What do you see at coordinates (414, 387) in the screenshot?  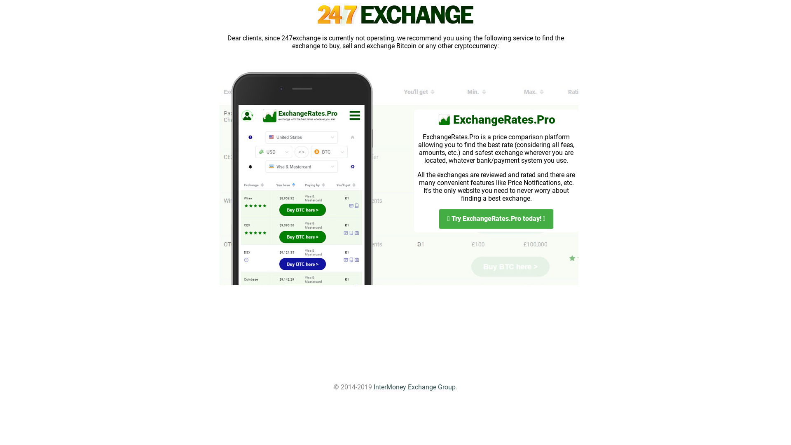 I see `'InterMoney Exchange Group'` at bounding box center [414, 387].